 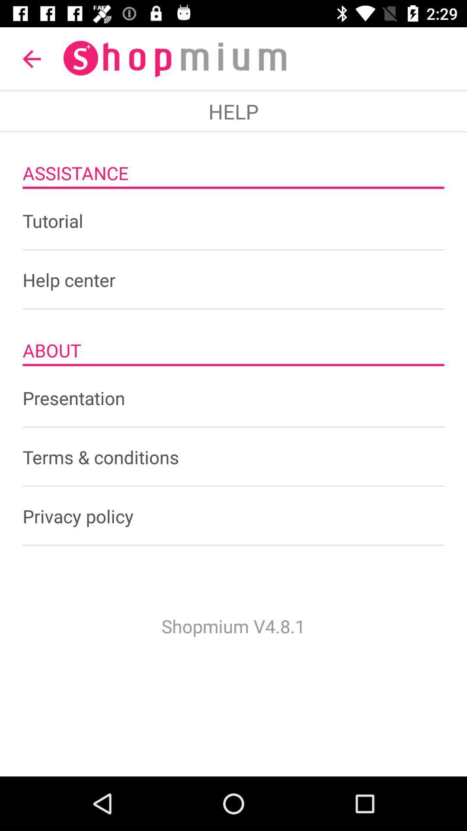 What do you see at coordinates (233, 280) in the screenshot?
I see `the item below tutorial item` at bounding box center [233, 280].